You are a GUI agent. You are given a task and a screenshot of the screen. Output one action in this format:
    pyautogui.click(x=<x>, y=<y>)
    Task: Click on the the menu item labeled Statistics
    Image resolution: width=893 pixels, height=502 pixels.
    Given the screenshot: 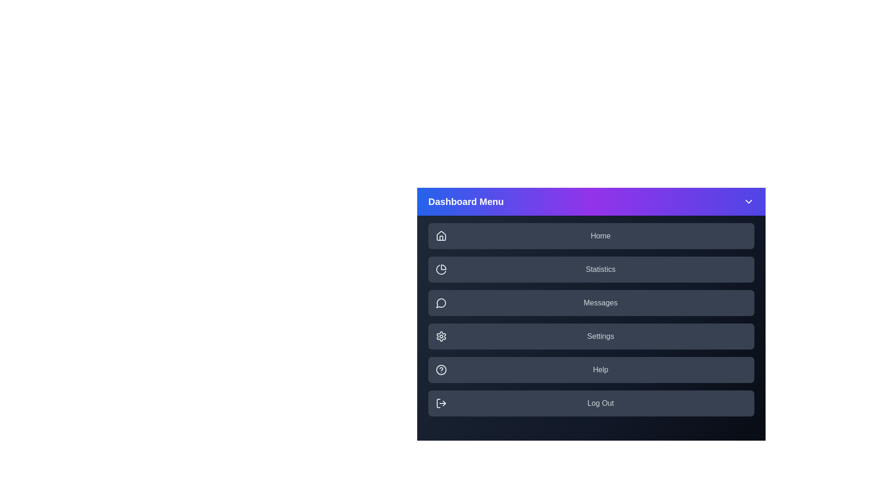 What is the action you would take?
    pyautogui.click(x=591, y=269)
    